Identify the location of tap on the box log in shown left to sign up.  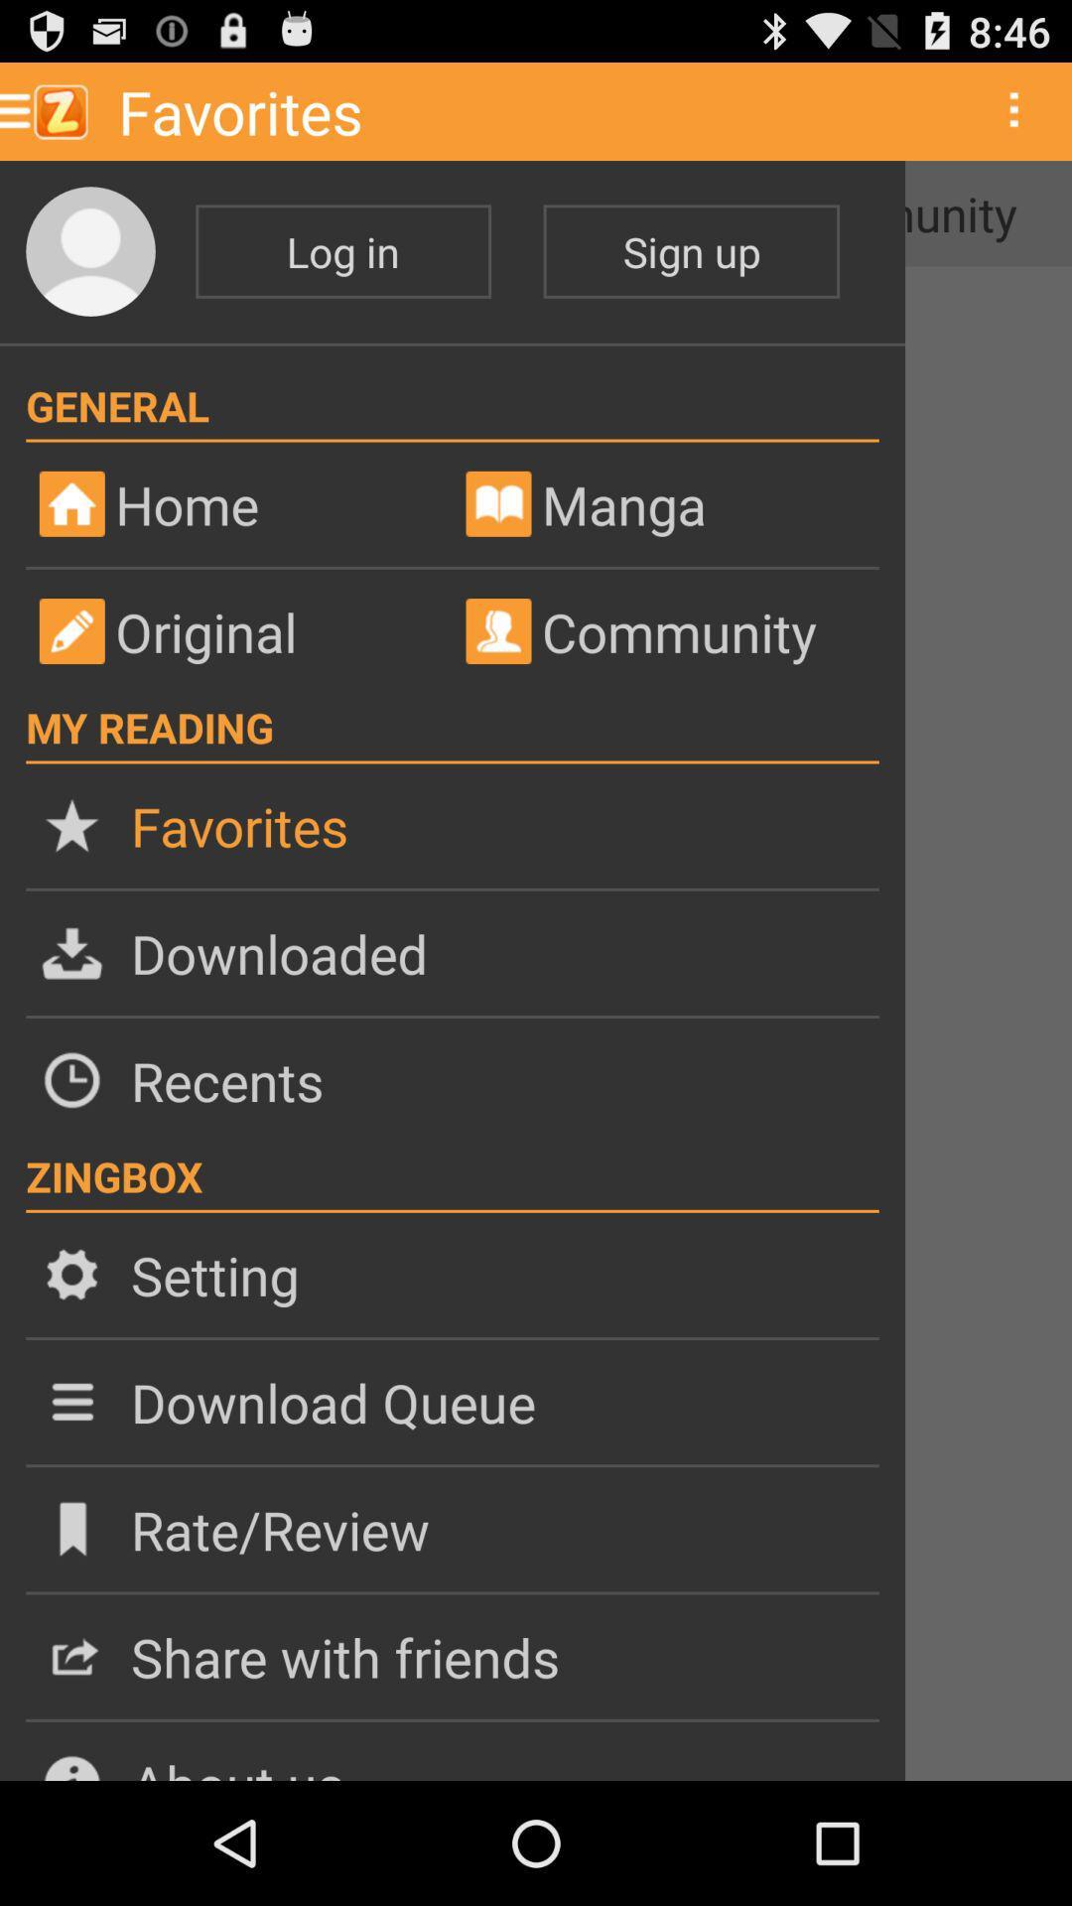
(342, 250).